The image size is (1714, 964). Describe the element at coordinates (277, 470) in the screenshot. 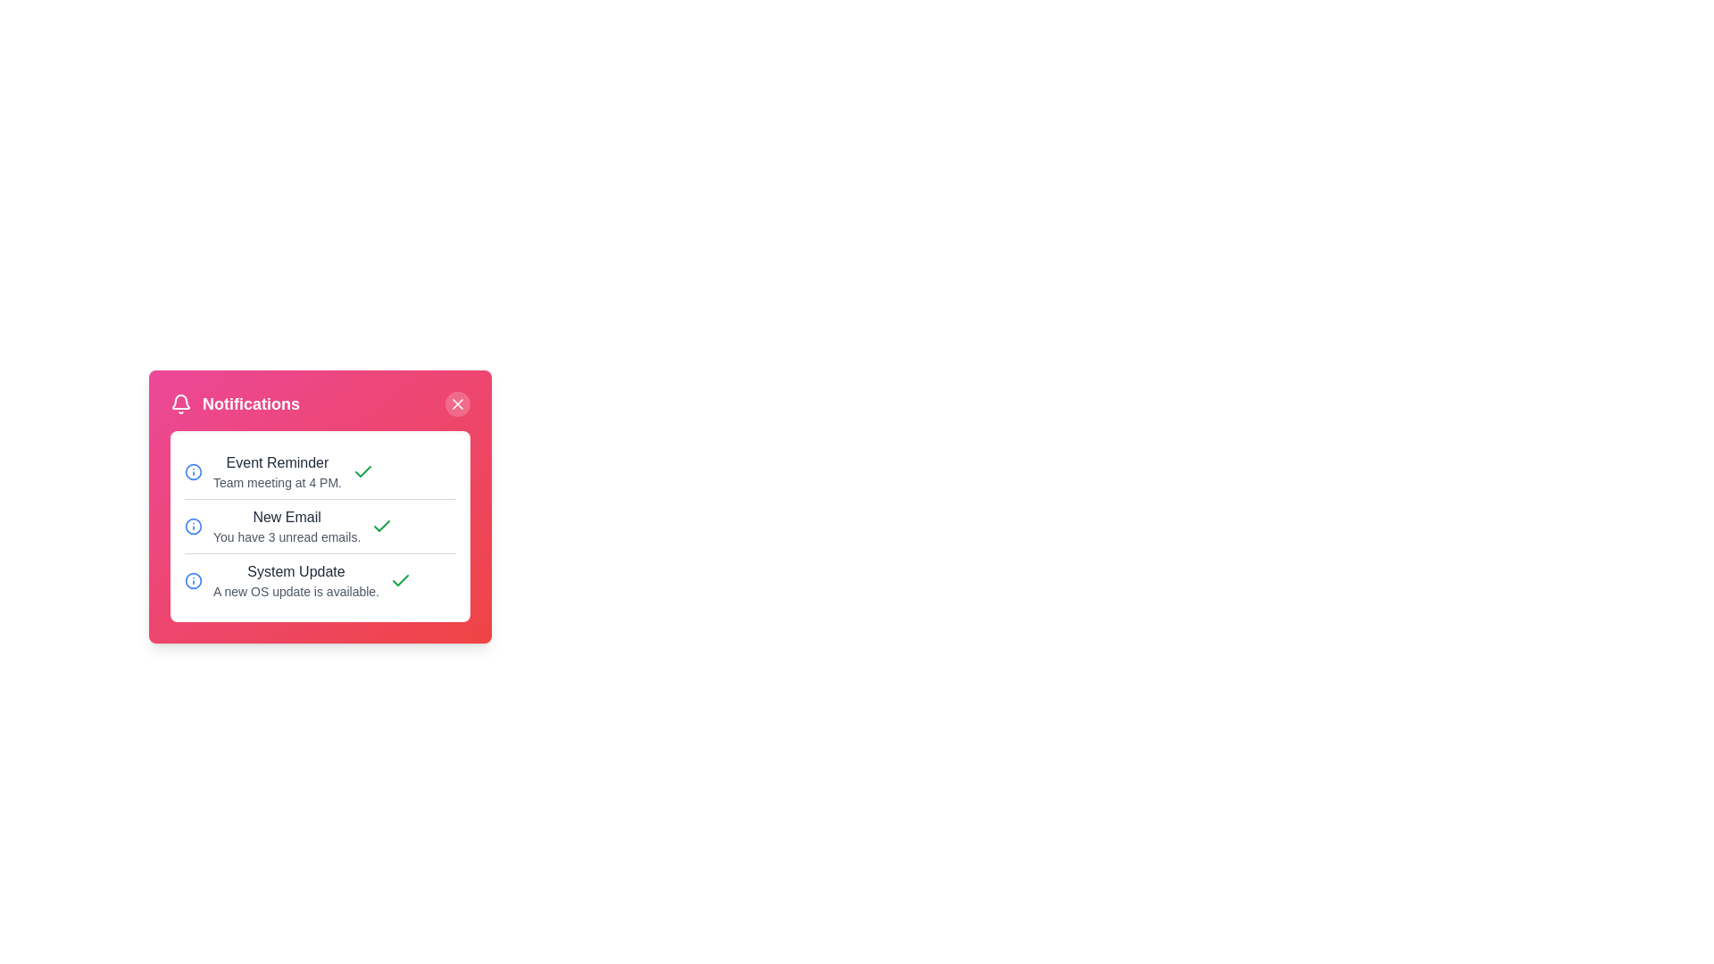

I see `text label displaying 'Event Reminder' and 'Team meeting at 4 PM.' to obtain the reminder information` at that location.